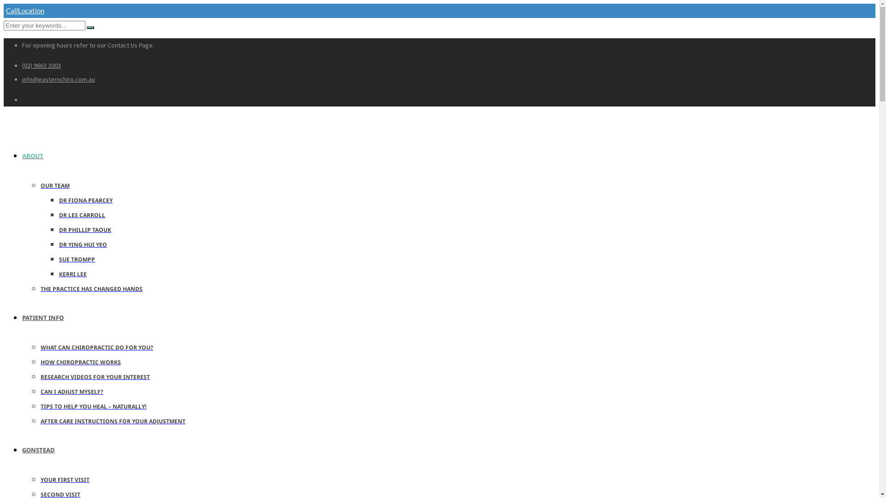 This screenshot has width=886, height=498. Describe the element at coordinates (88, 45) in the screenshot. I see `'For opening hours refer to our Contact Us Page.'` at that location.